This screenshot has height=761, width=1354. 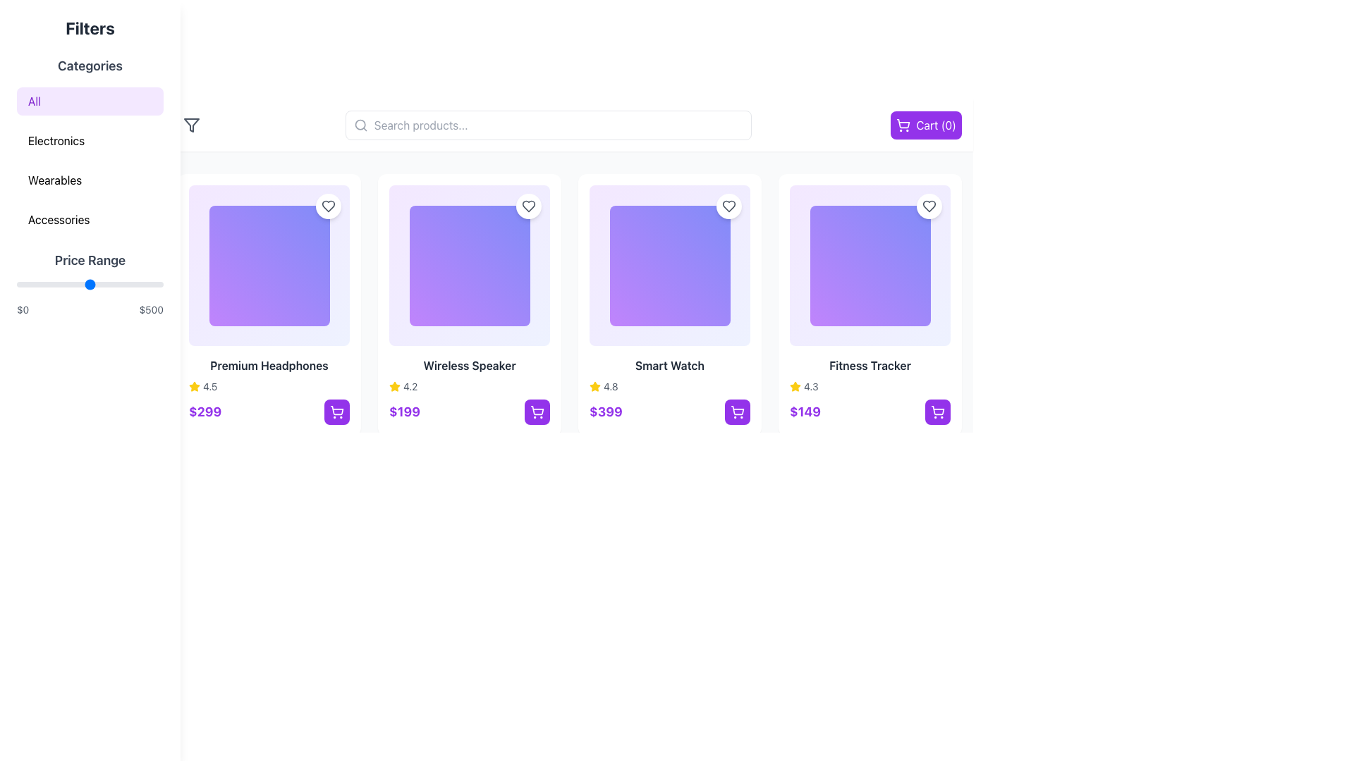 I want to click on the 'Wearables' button, which is the third item in the 'Categories' list located in the left sidebar under the 'Electronics' item, so click(x=90, y=166).